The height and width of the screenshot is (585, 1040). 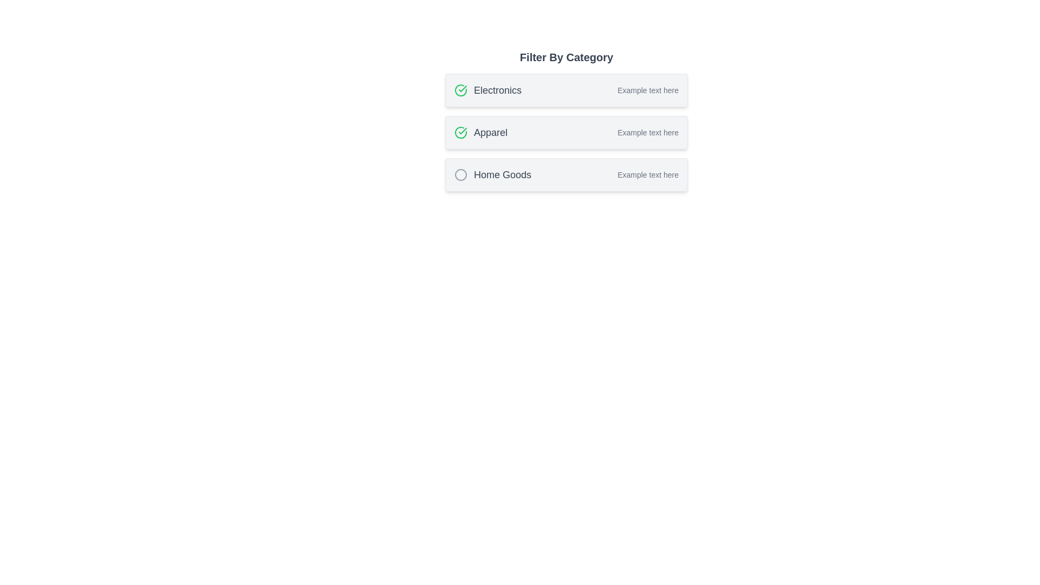 What do you see at coordinates (497, 89) in the screenshot?
I see `the 'Electronics' text label, which signifies a category in the filter interface, located in the first row of categories` at bounding box center [497, 89].